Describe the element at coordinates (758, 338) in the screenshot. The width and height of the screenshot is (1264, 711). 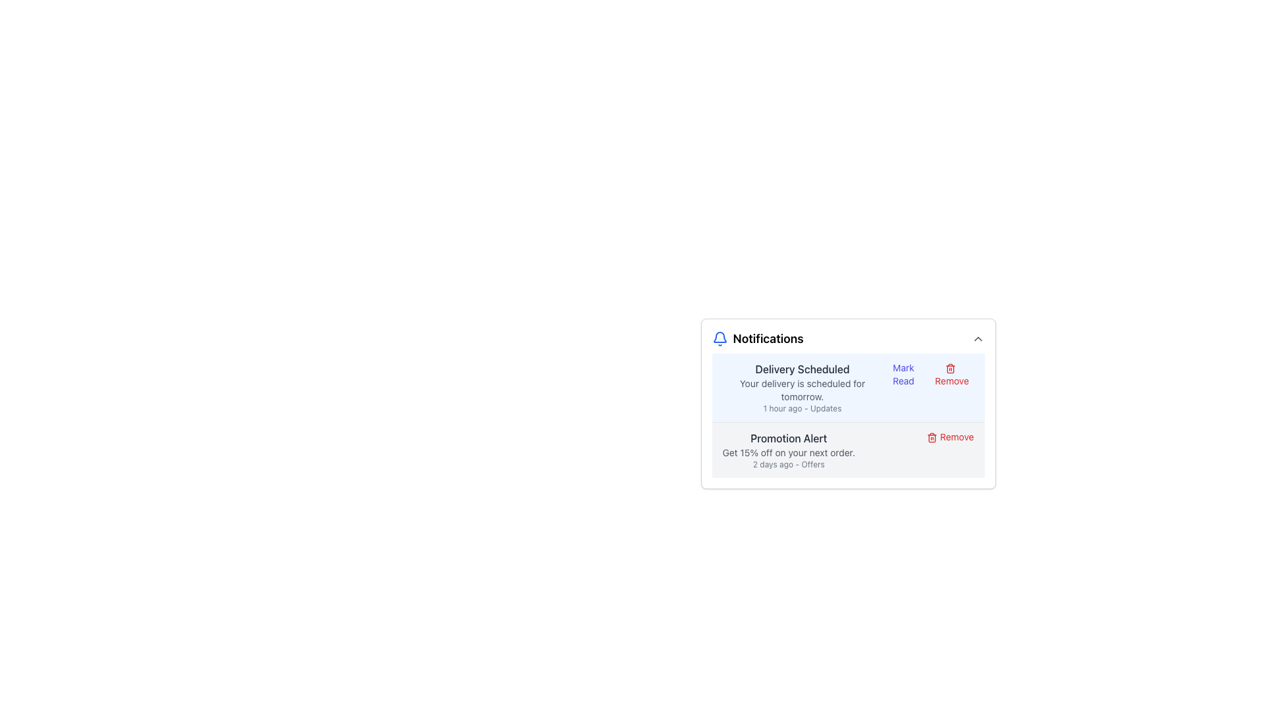
I see `the Header with Icon and Text Label that indicates the notifications section, which includes a bell icon and the text 'Notifications'` at that location.